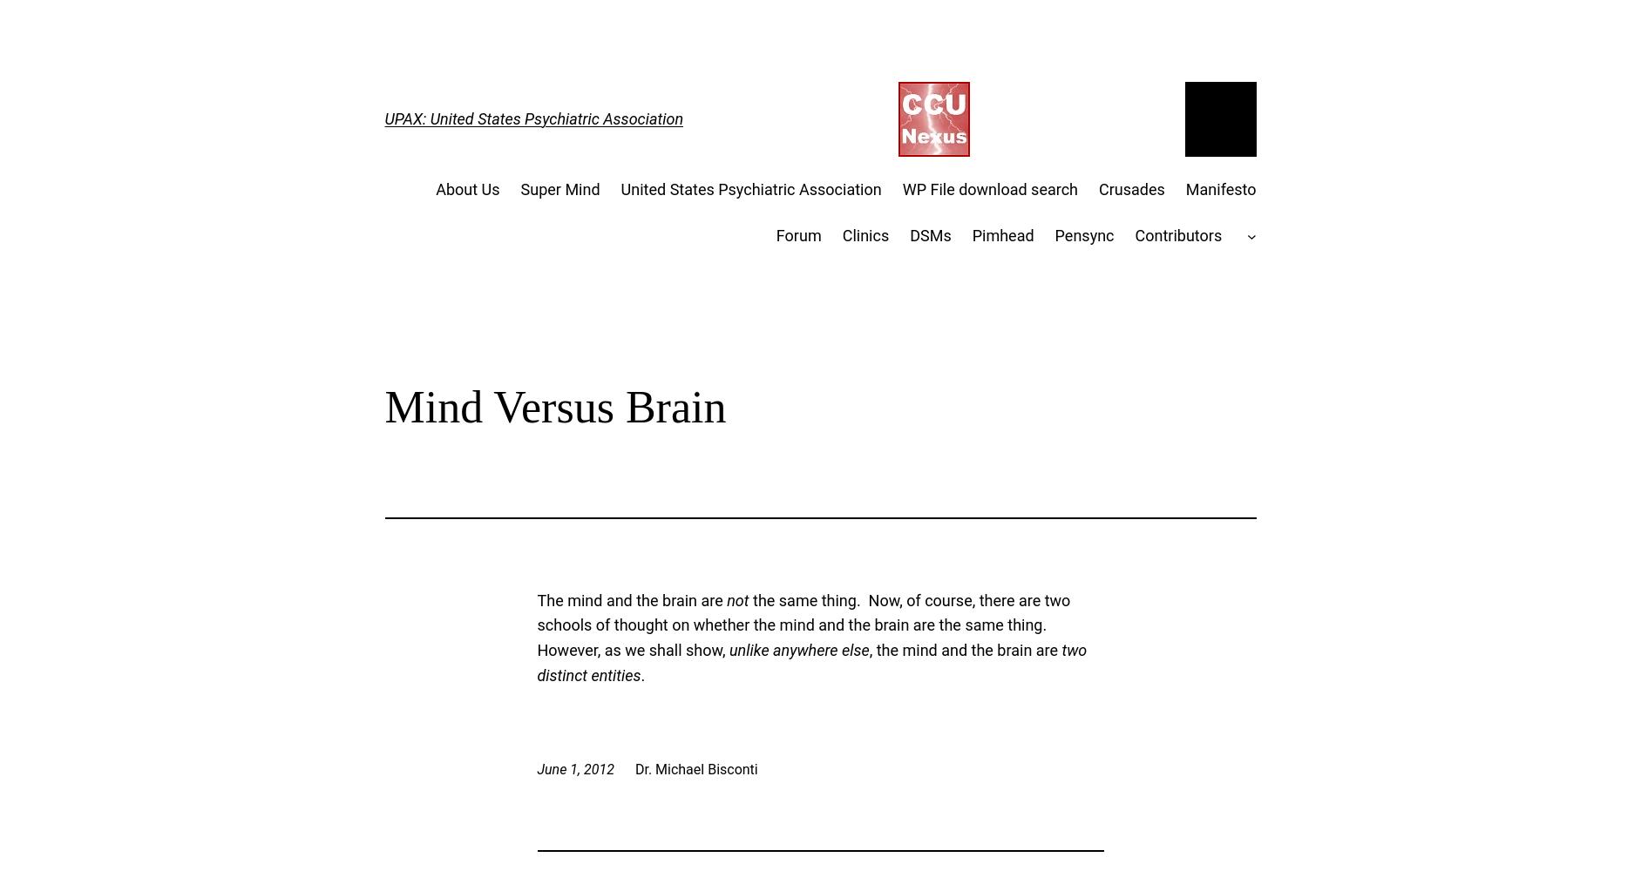 The width and height of the screenshot is (1641, 871). Describe the element at coordinates (1001, 234) in the screenshot. I see `'Pimhead'` at that location.